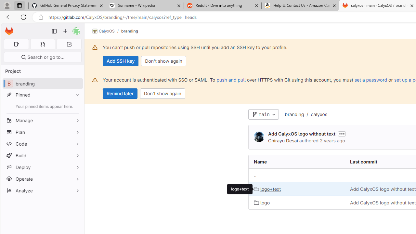  Describe the element at coordinates (107, 31) in the screenshot. I see `'CalyxOS/'` at that location.